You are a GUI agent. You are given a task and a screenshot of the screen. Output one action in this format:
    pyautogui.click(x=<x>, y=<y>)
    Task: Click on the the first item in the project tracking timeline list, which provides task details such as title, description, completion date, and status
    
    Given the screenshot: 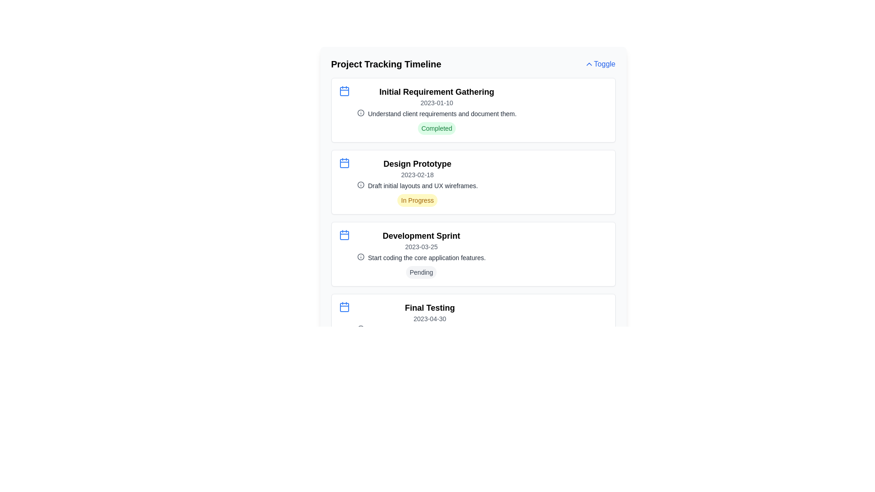 What is the action you would take?
    pyautogui.click(x=473, y=110)
    